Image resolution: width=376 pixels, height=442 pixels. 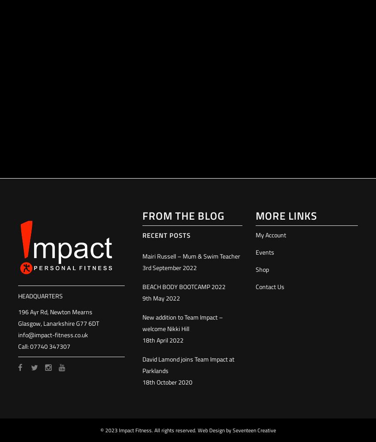 I want to click on '196 Ayr Rd, Newton Mearns', so click(x=17, y=311).